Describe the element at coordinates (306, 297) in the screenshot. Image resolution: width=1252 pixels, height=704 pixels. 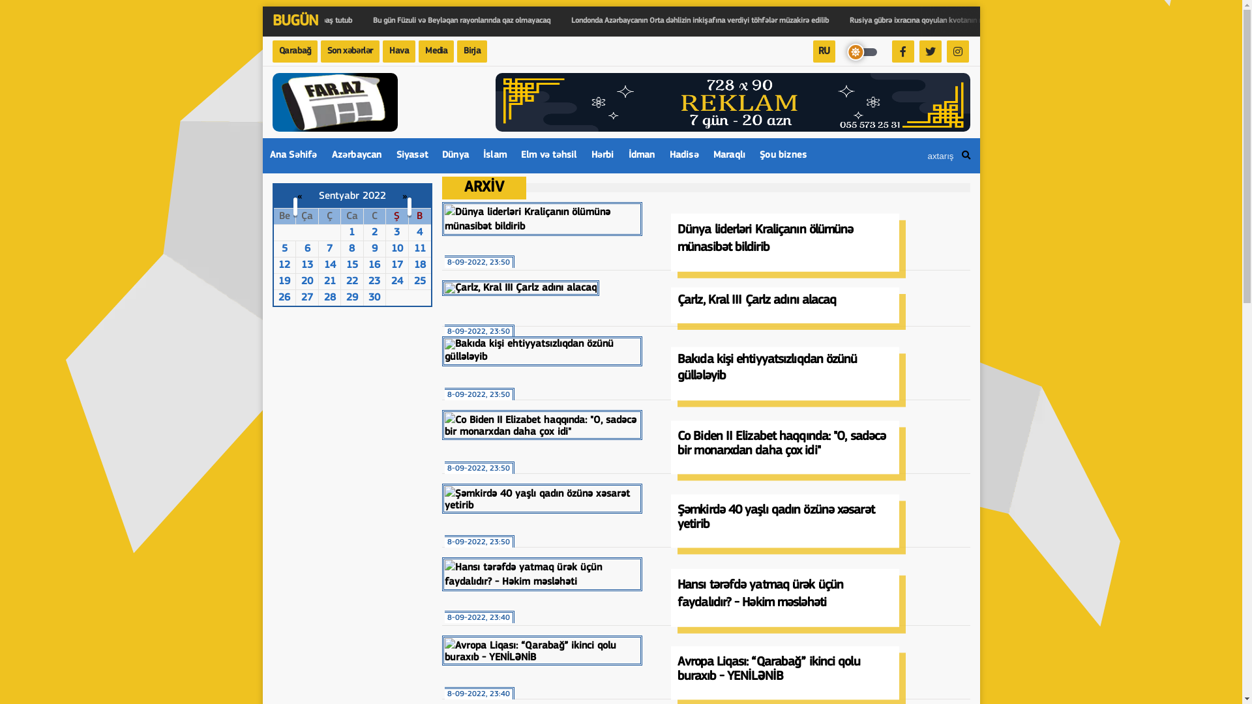
I see `'27'` at that location.